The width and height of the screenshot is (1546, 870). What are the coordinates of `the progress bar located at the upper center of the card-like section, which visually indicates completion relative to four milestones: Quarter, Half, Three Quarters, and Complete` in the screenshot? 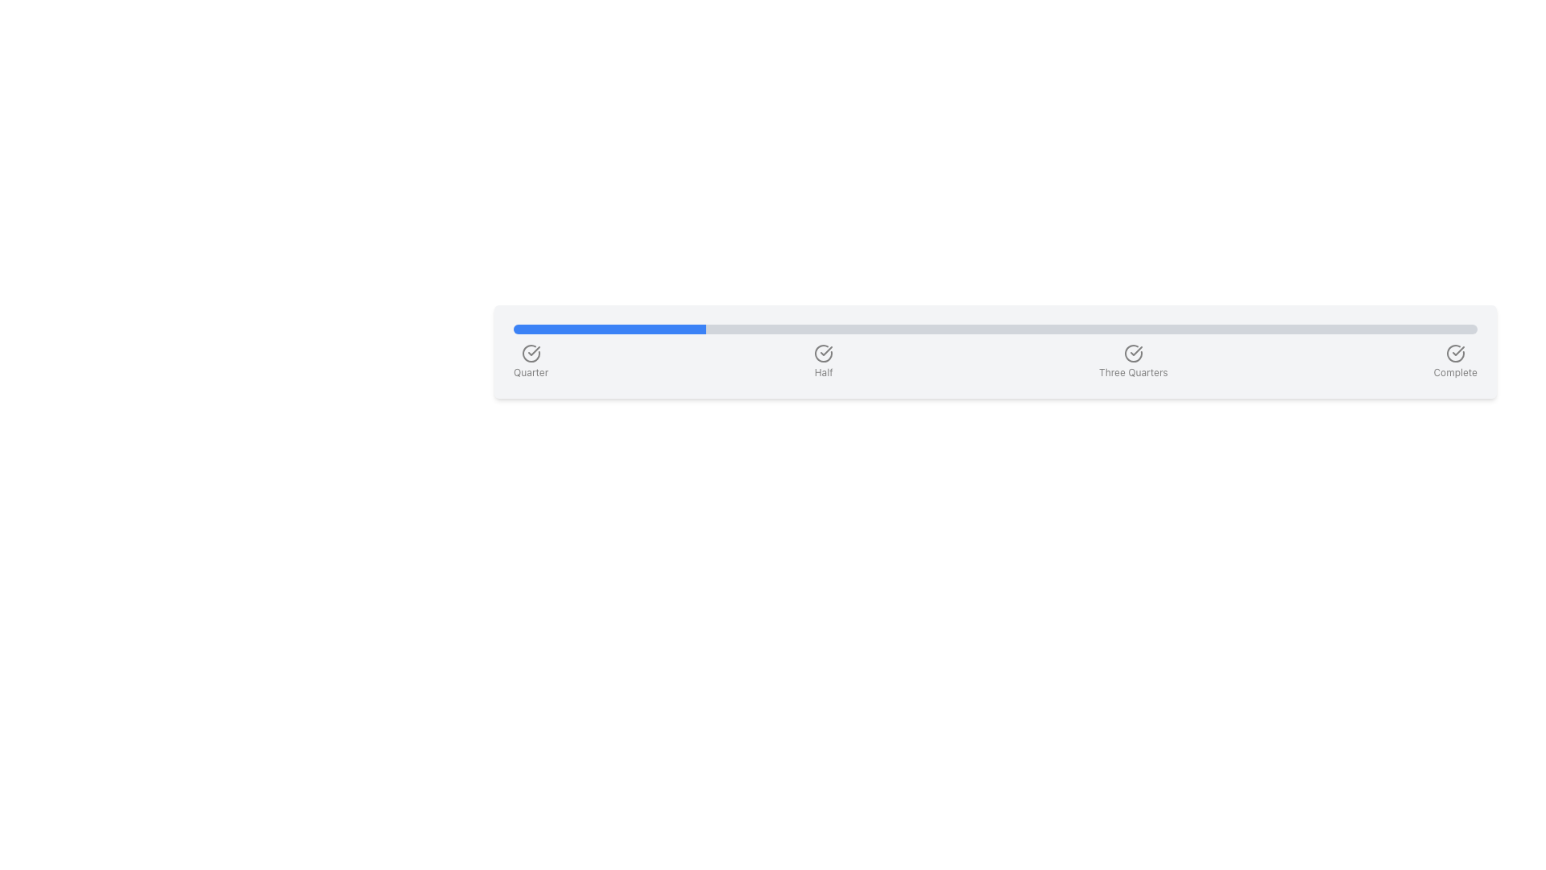 It's located at (994, 328).